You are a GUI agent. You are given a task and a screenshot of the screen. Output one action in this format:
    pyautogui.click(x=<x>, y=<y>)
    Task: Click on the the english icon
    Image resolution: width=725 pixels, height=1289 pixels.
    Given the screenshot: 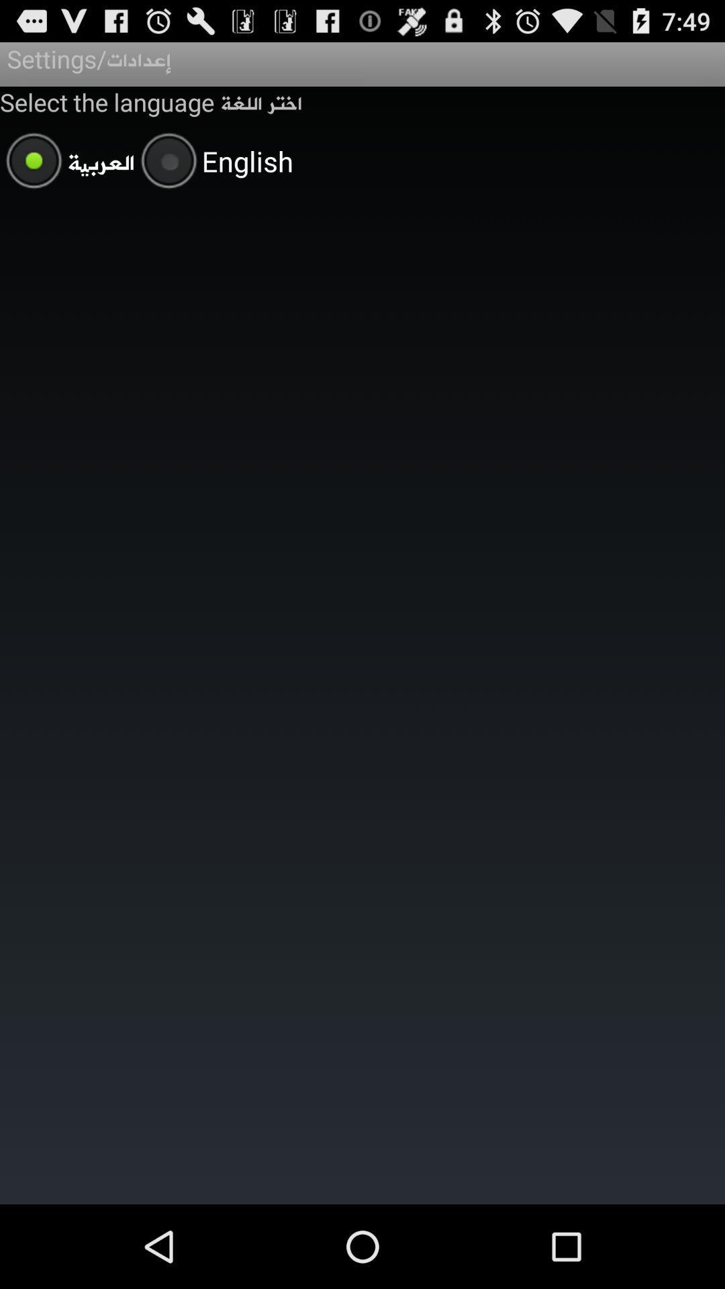 What is the action you would take?
    pyautogui.click(x=213, y=162)
    